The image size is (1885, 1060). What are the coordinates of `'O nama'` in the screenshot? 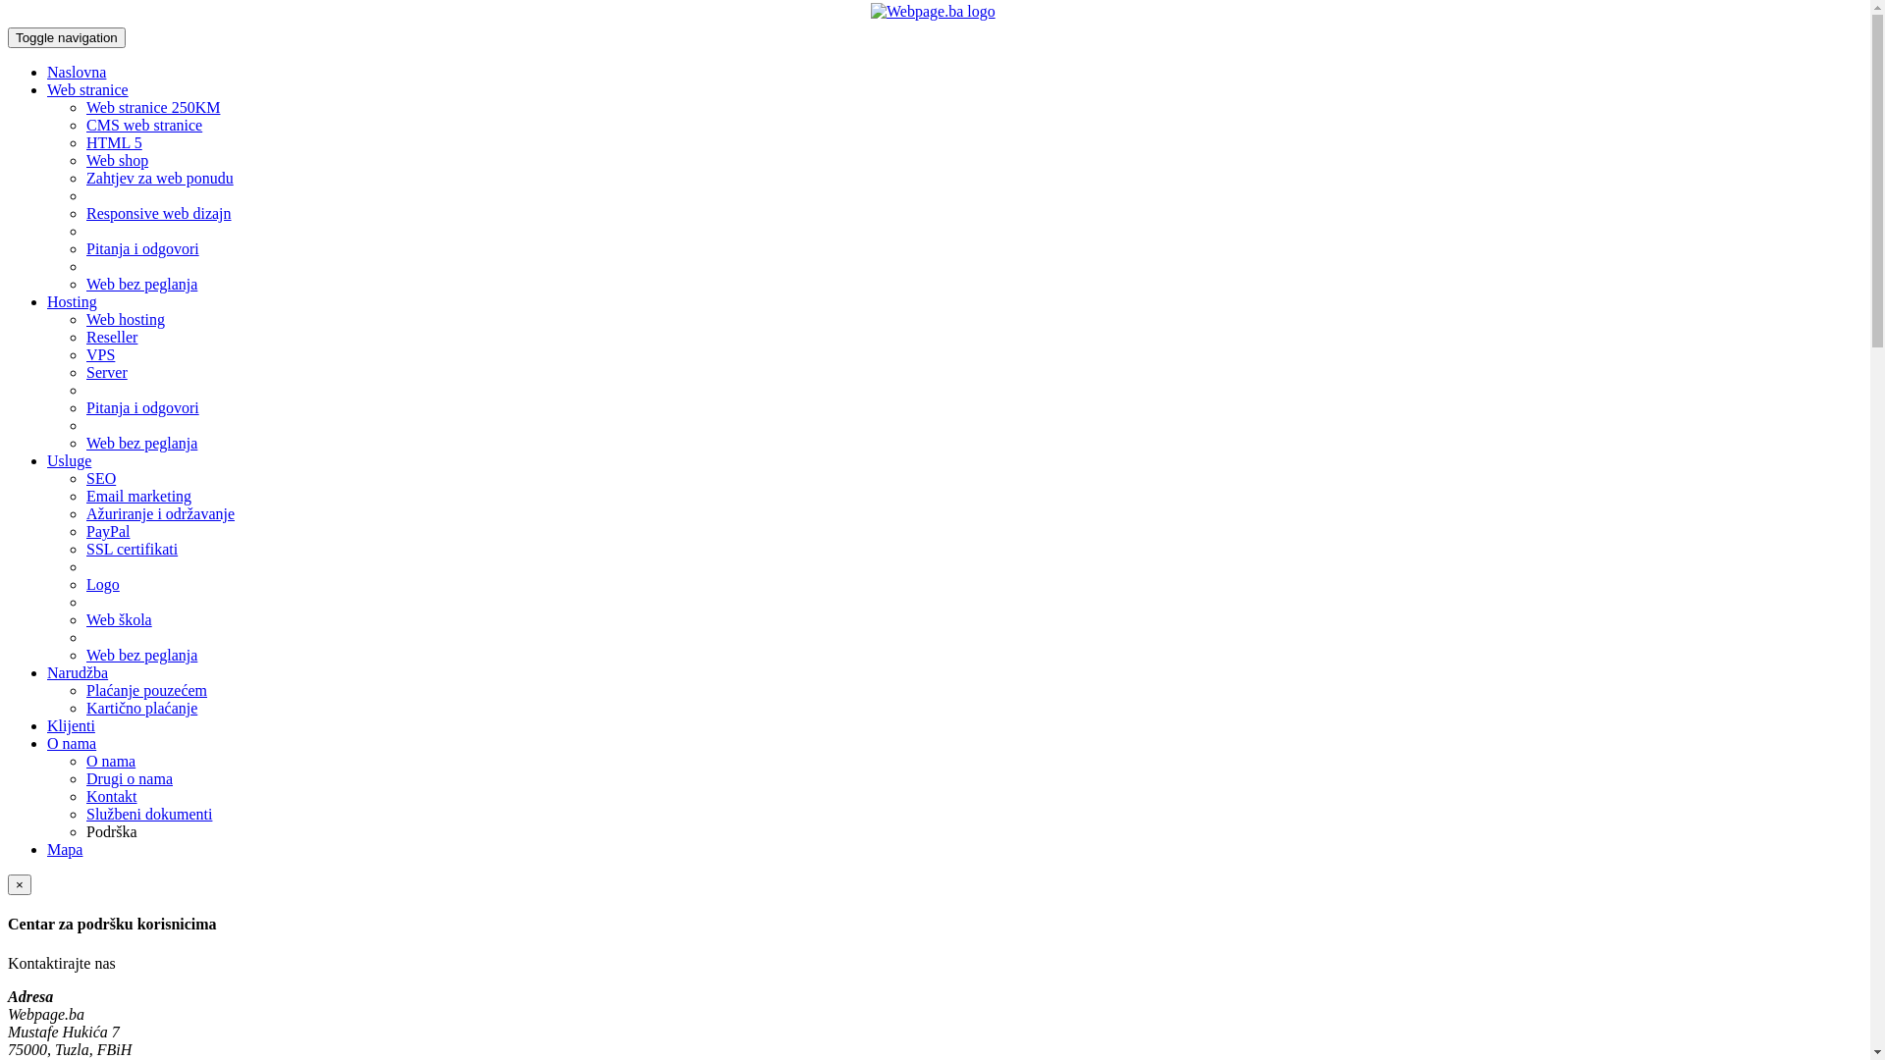 It's located at (47, 743).